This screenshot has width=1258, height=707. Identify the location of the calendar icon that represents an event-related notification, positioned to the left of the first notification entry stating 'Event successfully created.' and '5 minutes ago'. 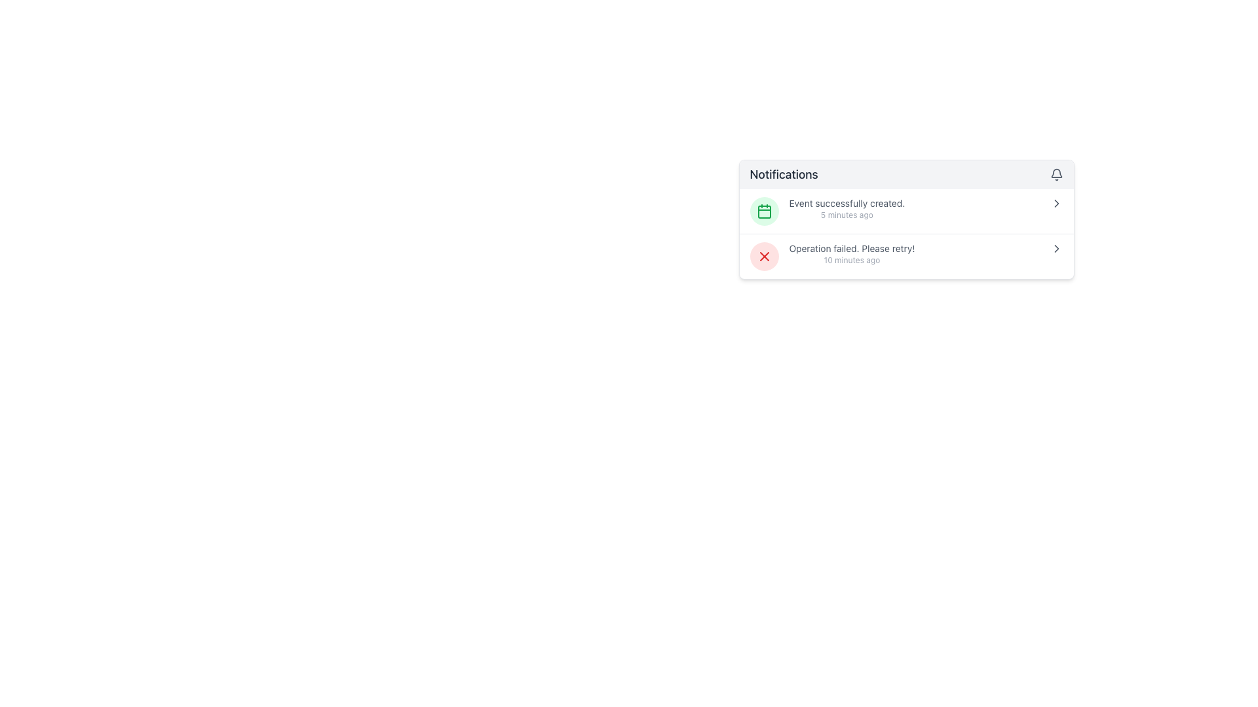
(764, 211).